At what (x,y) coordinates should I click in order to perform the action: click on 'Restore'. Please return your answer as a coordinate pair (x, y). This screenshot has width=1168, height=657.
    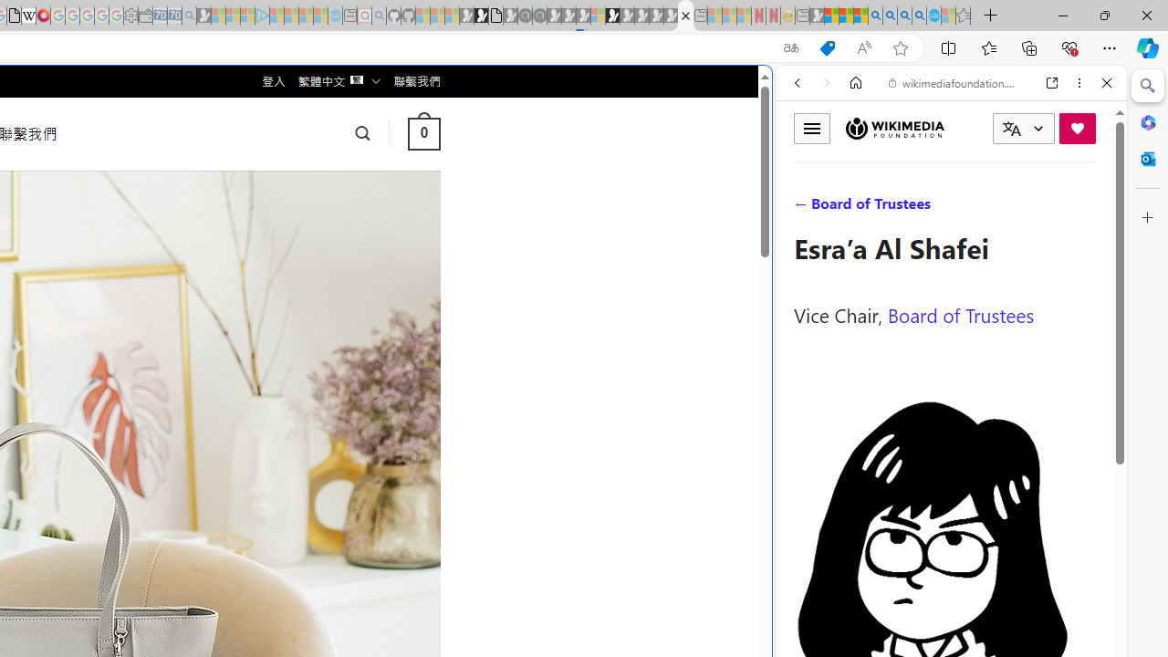
    Looking at the image, I should click on (1103, 15).